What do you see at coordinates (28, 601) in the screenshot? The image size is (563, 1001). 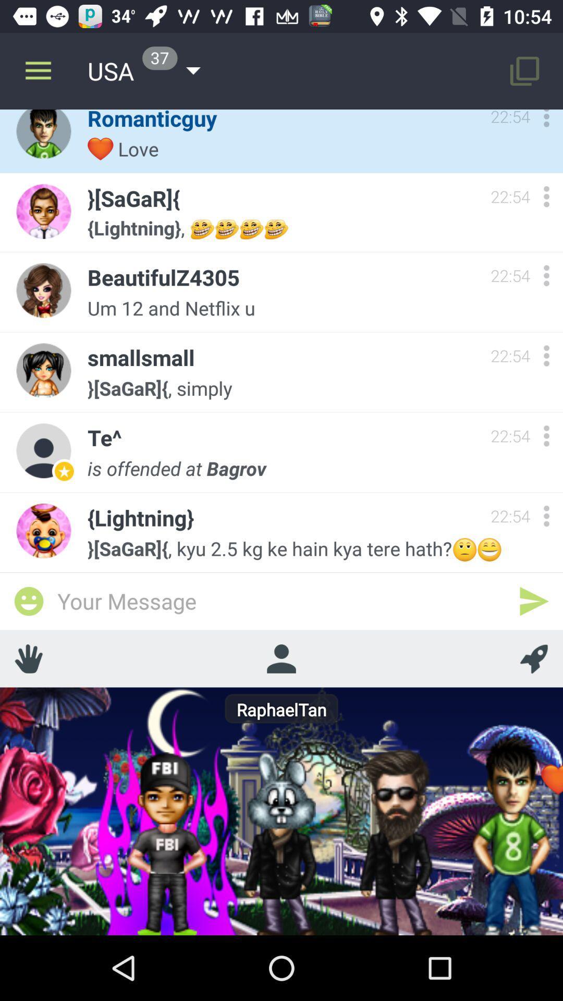 I see `the image bar` at bounding box center [28, 601].